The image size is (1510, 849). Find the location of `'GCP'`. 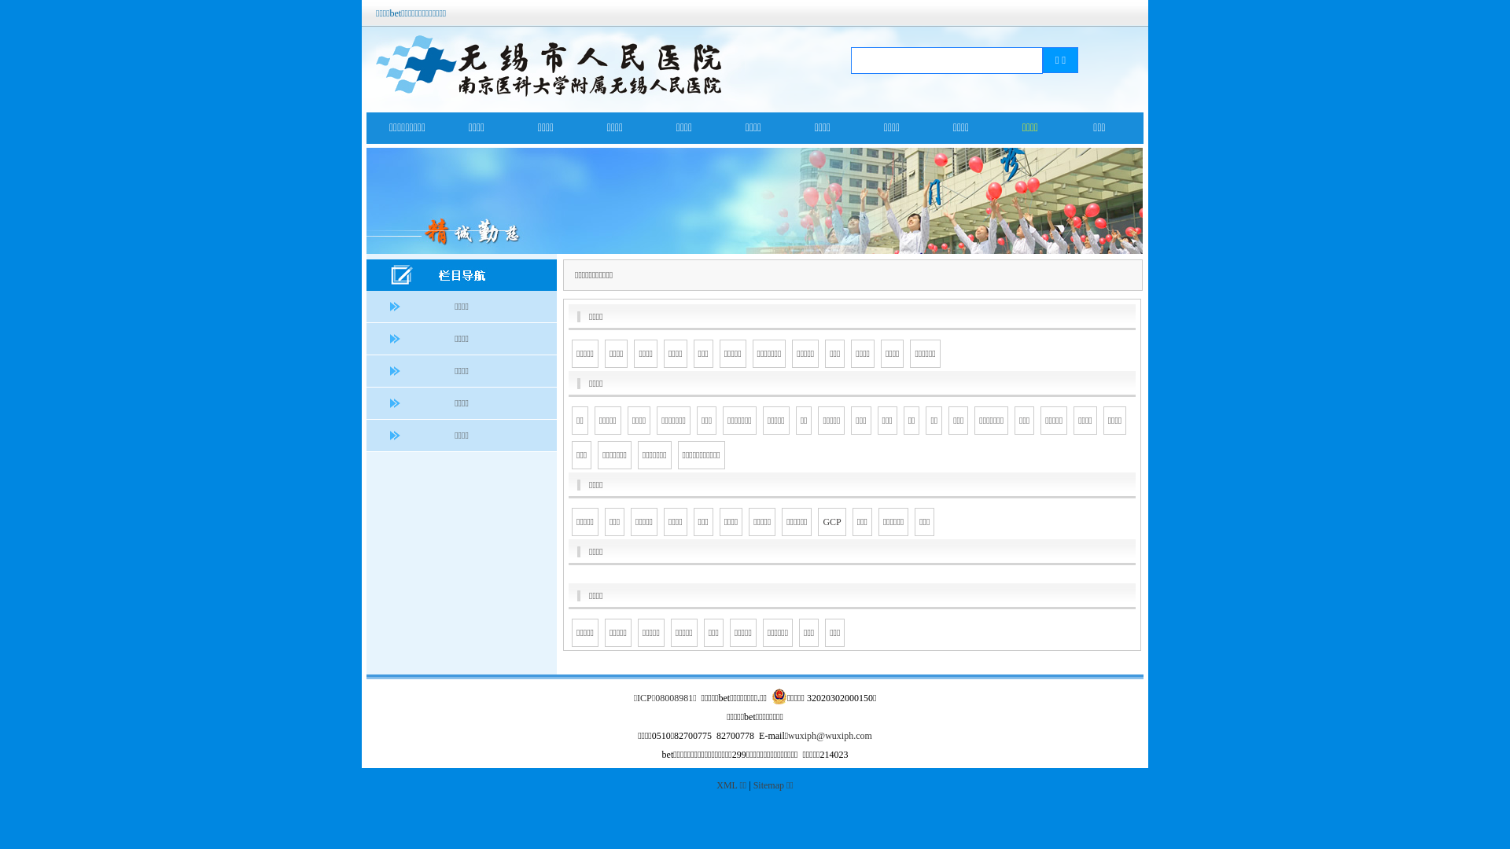

'GCP' is located at coordinates (830, 521).